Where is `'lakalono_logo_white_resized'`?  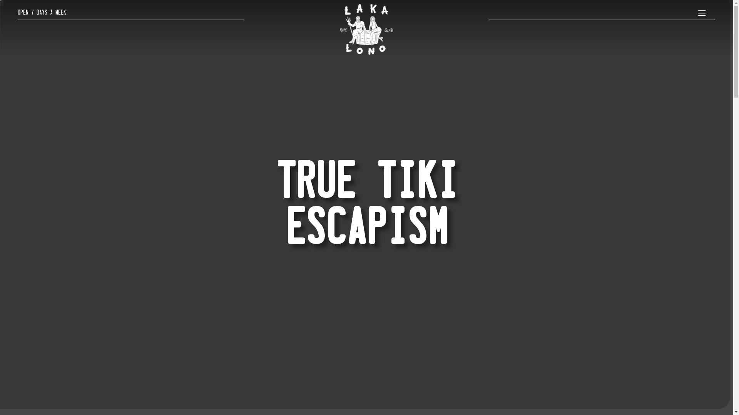
'lakalono_logo_white_resized' is located at coordinates (366, 29).